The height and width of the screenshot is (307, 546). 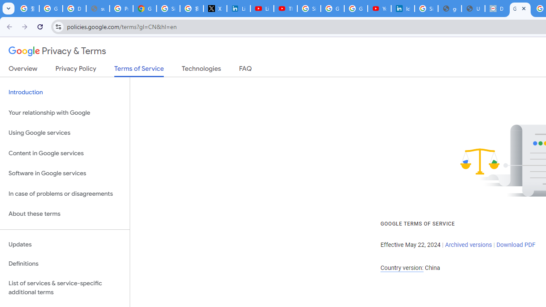 I want to click on 'Software in Google services', so click(x=64, y=173).